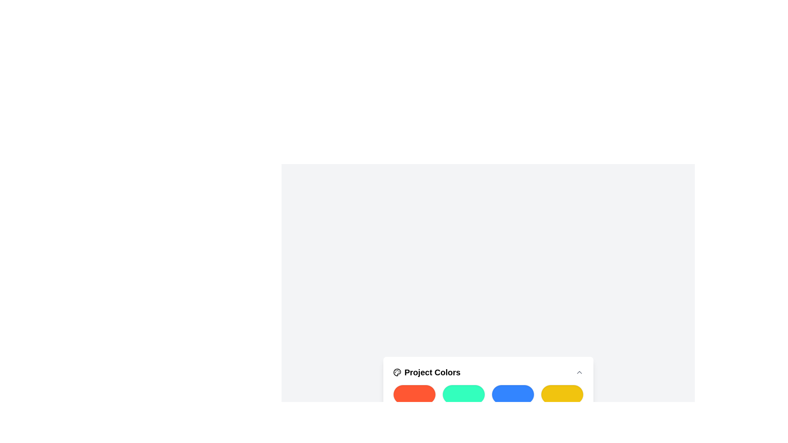  What do you see at coordinates (488, 394) in the screenshot?
I see `one of the color sections in the Color grid located within the 'Project Colors' card at the bottom center of the interface` at bounding box center [488, 394].